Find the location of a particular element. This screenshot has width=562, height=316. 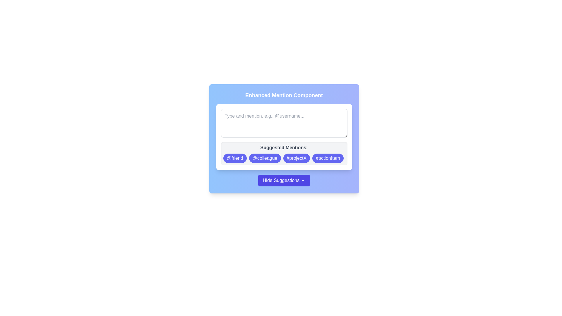

the second suggestion button labeled '@colleague' in the 'Suggested Mentions' section to insert the mention into the input field above is located at coordinates (265, 158).